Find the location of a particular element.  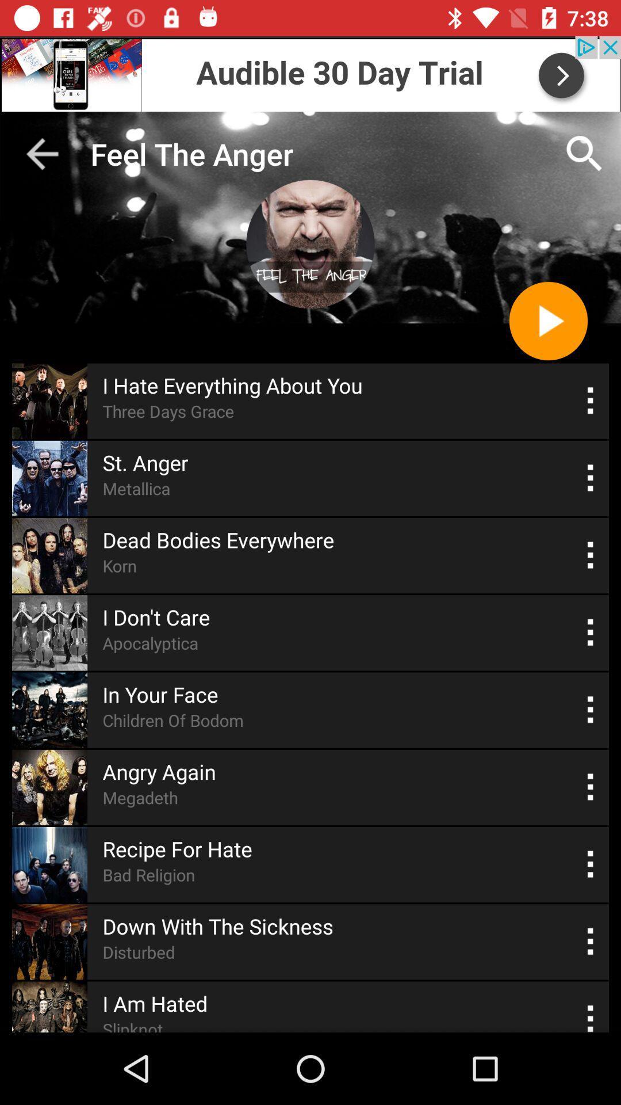

audible 30 day trial is located at coordinates (310, 73).